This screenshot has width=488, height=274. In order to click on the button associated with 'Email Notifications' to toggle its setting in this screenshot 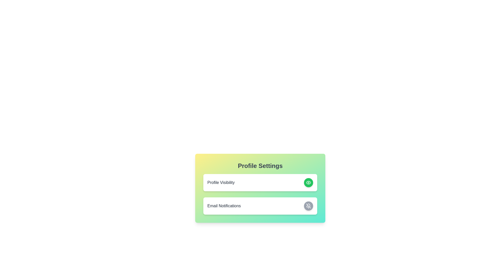, I will do `click(308, 206)`.